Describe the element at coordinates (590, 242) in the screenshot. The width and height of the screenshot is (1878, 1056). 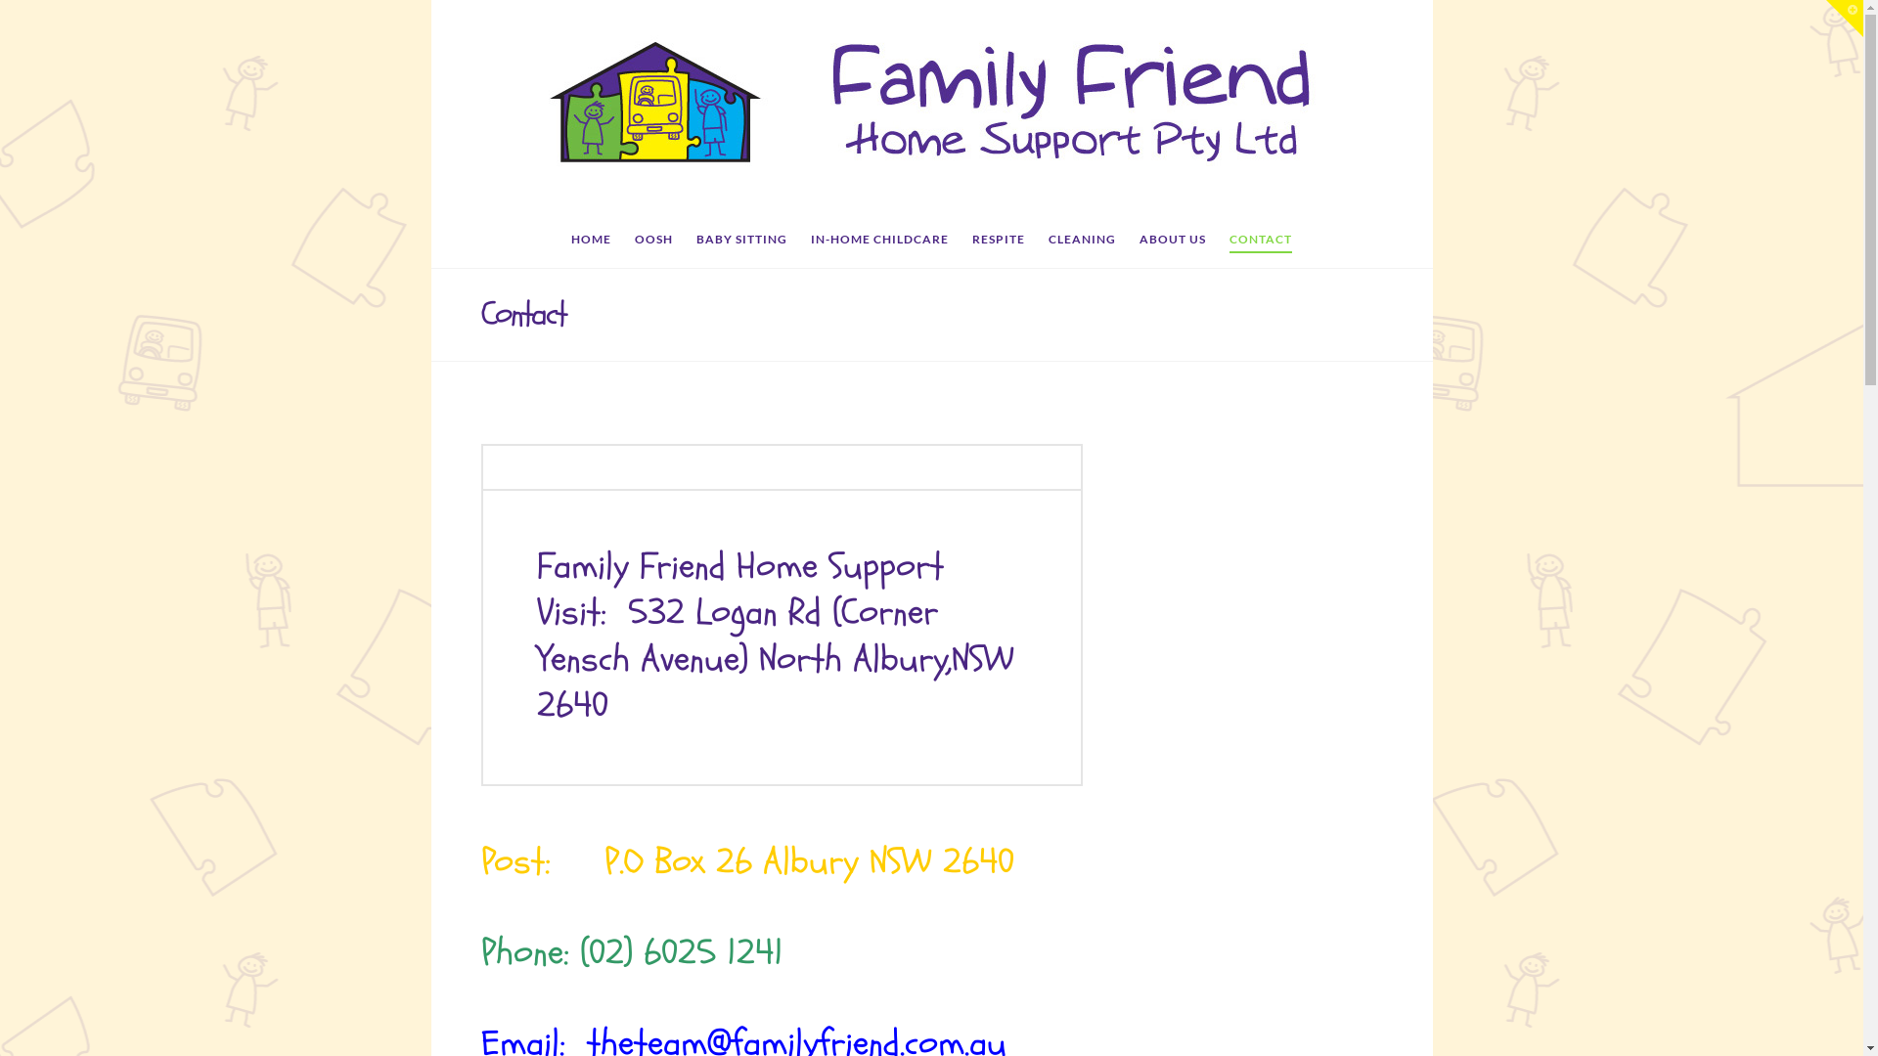
I see `'HOME'` at that location.